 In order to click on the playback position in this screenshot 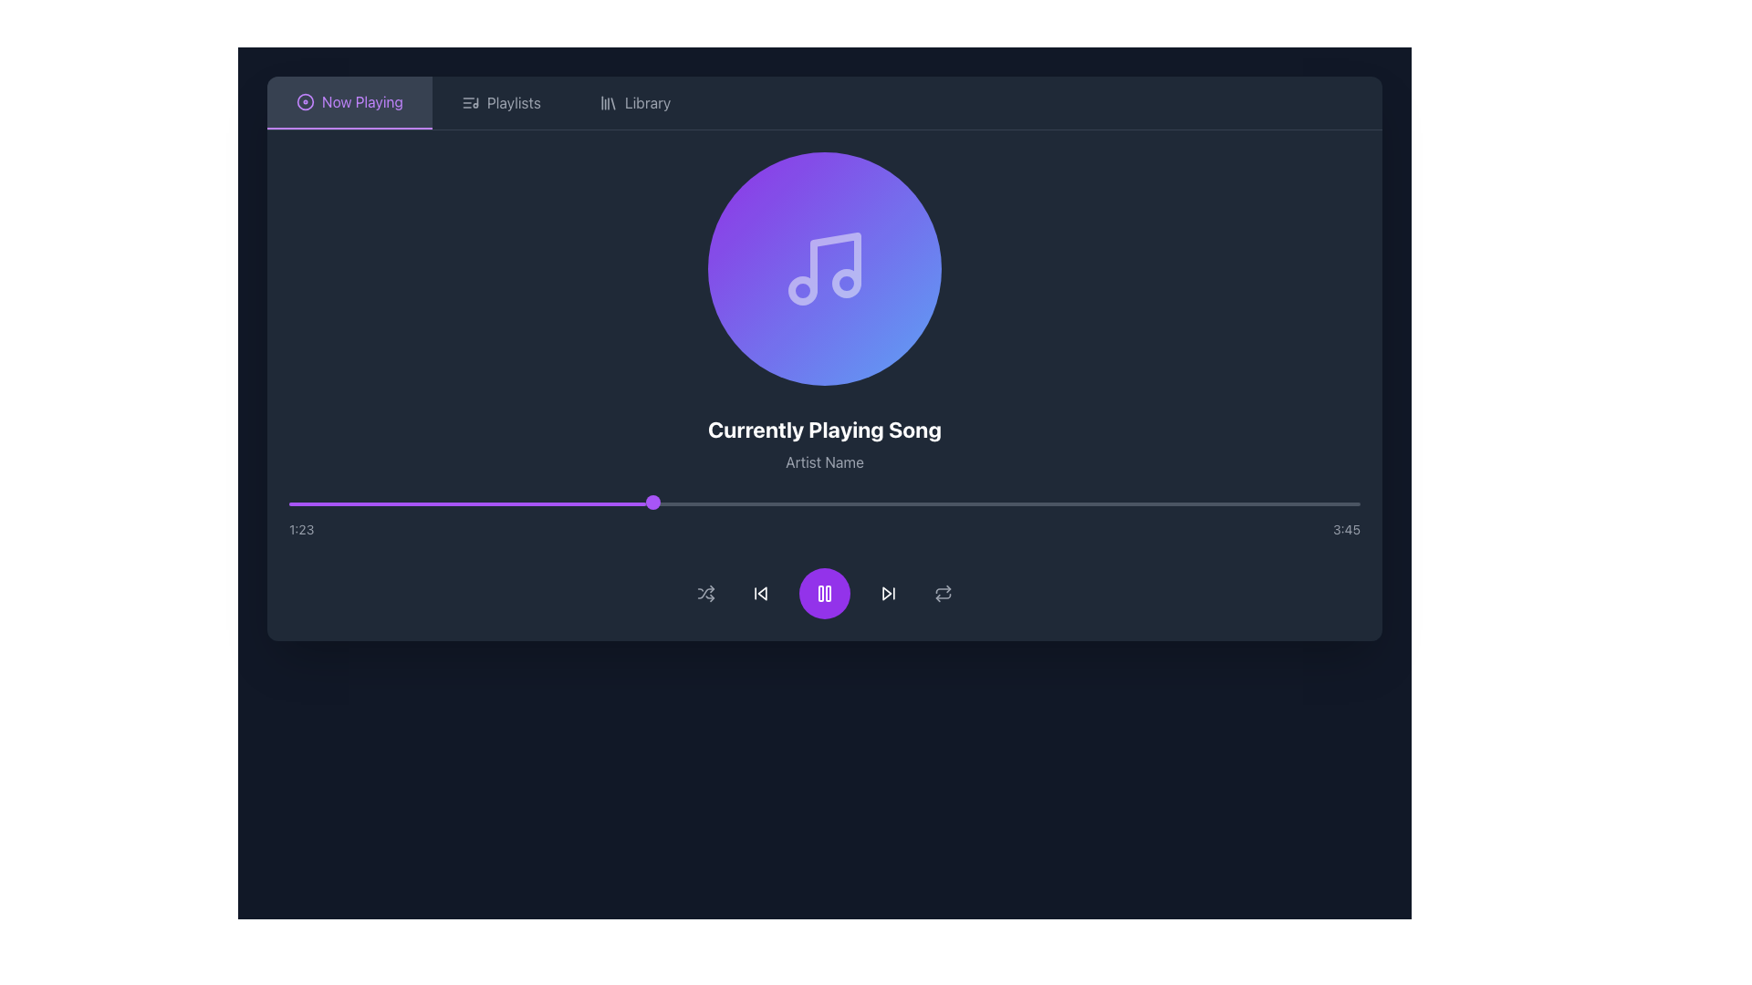, I will do `click(1222, 503)`.